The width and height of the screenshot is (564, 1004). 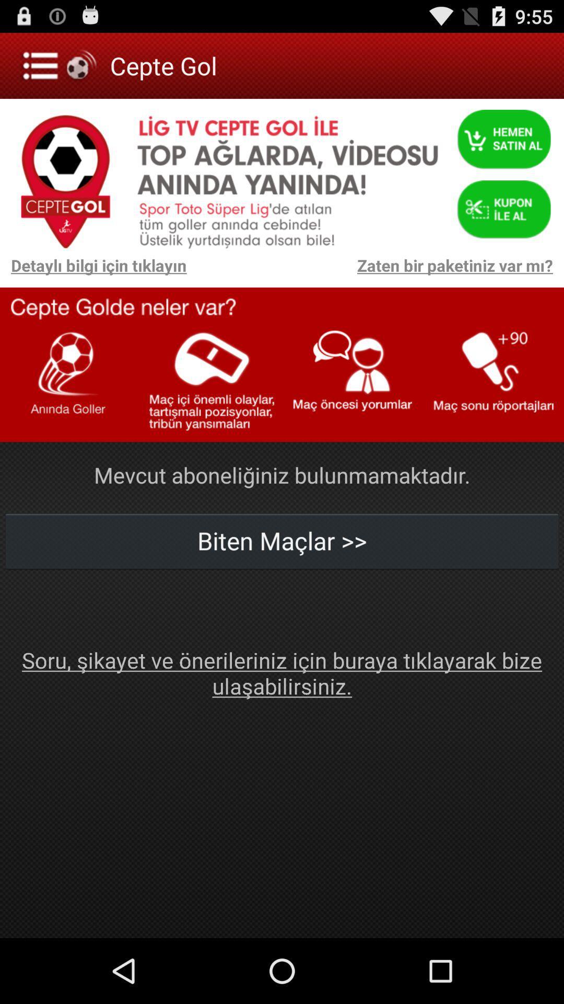 I want to click on a six line text which is below cepte gol on a page, so click(x=287, y=176).